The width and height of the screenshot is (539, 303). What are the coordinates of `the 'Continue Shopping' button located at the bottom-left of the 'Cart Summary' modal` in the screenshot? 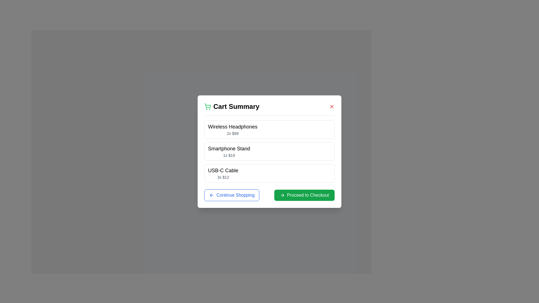 It's located at (232, 195).